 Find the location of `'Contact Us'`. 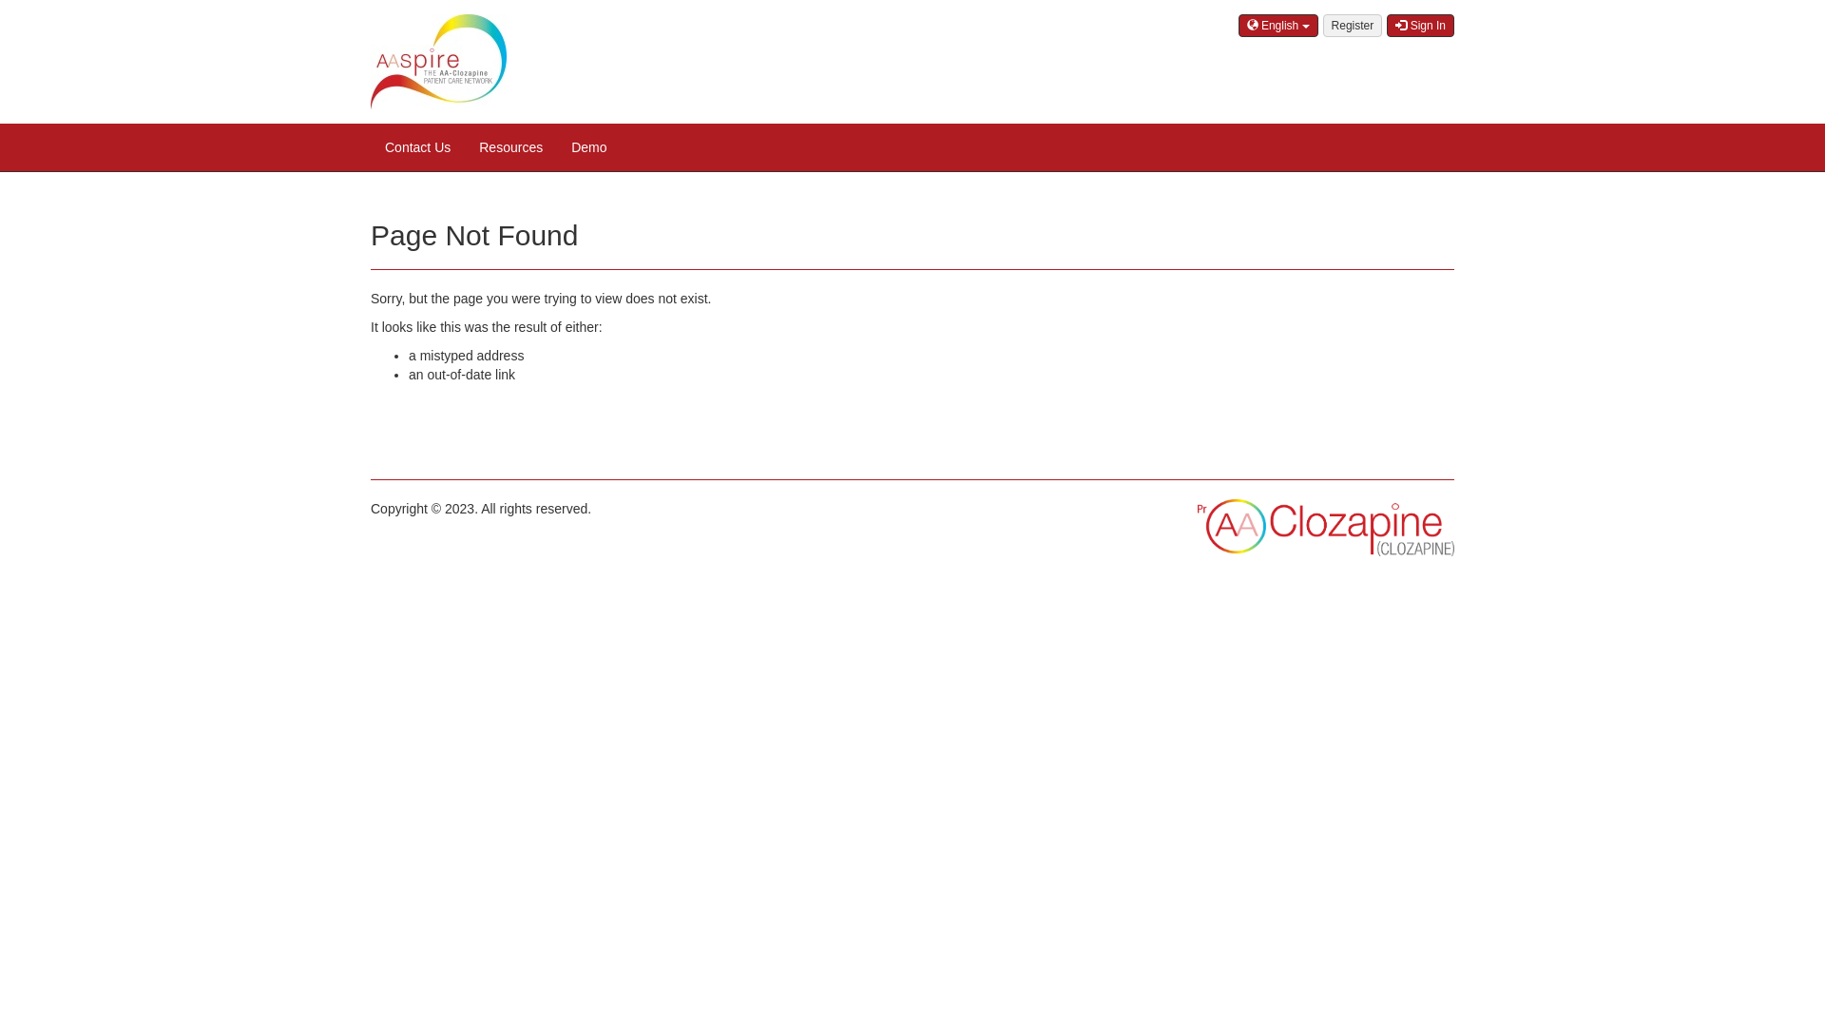

'Contact Us' is located at coordinates (416, 145).